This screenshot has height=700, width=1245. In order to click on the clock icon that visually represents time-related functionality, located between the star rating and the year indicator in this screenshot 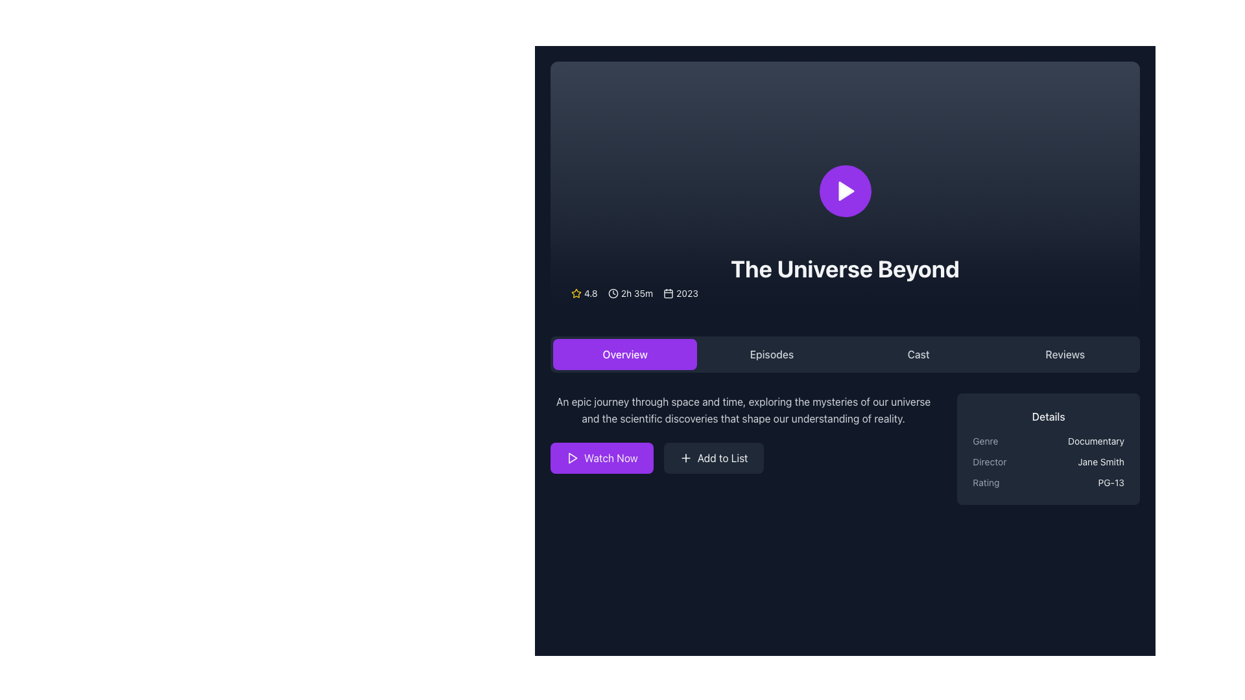, I will do `click(612, 293)`.